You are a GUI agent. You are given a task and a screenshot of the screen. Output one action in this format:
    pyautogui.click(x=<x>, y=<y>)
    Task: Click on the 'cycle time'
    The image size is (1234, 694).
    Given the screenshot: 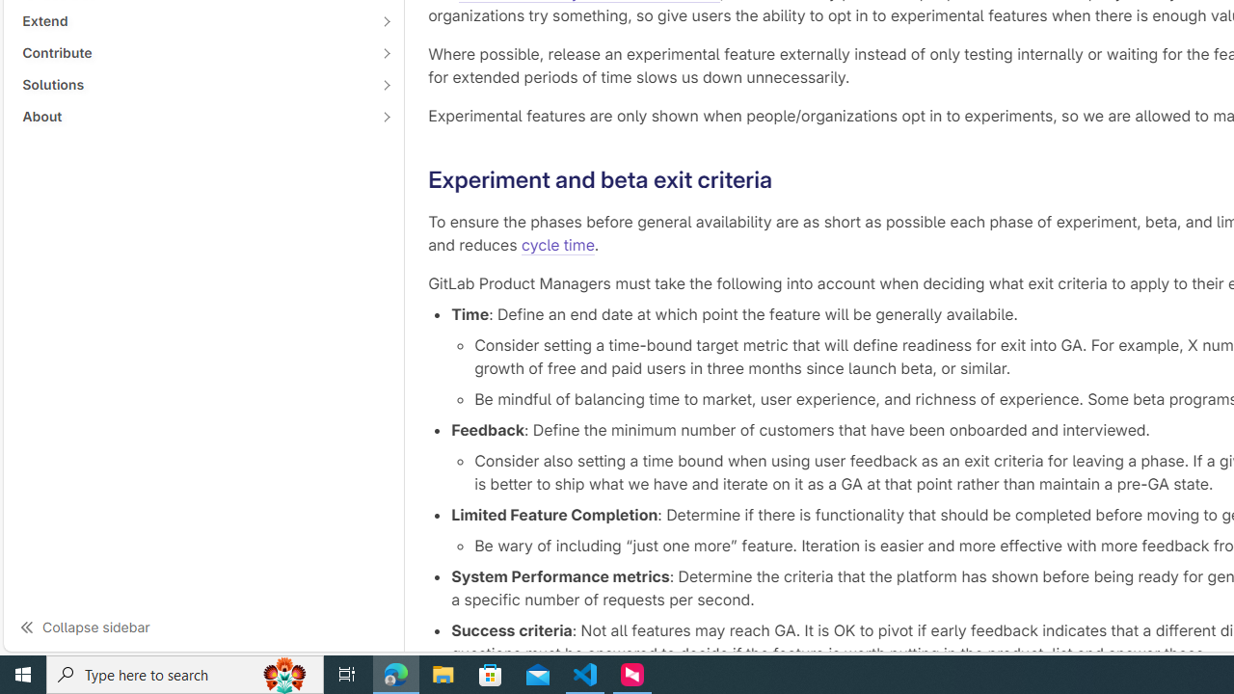 What is the action you would take?
    pyautogui.click(x=556, y=244)
    